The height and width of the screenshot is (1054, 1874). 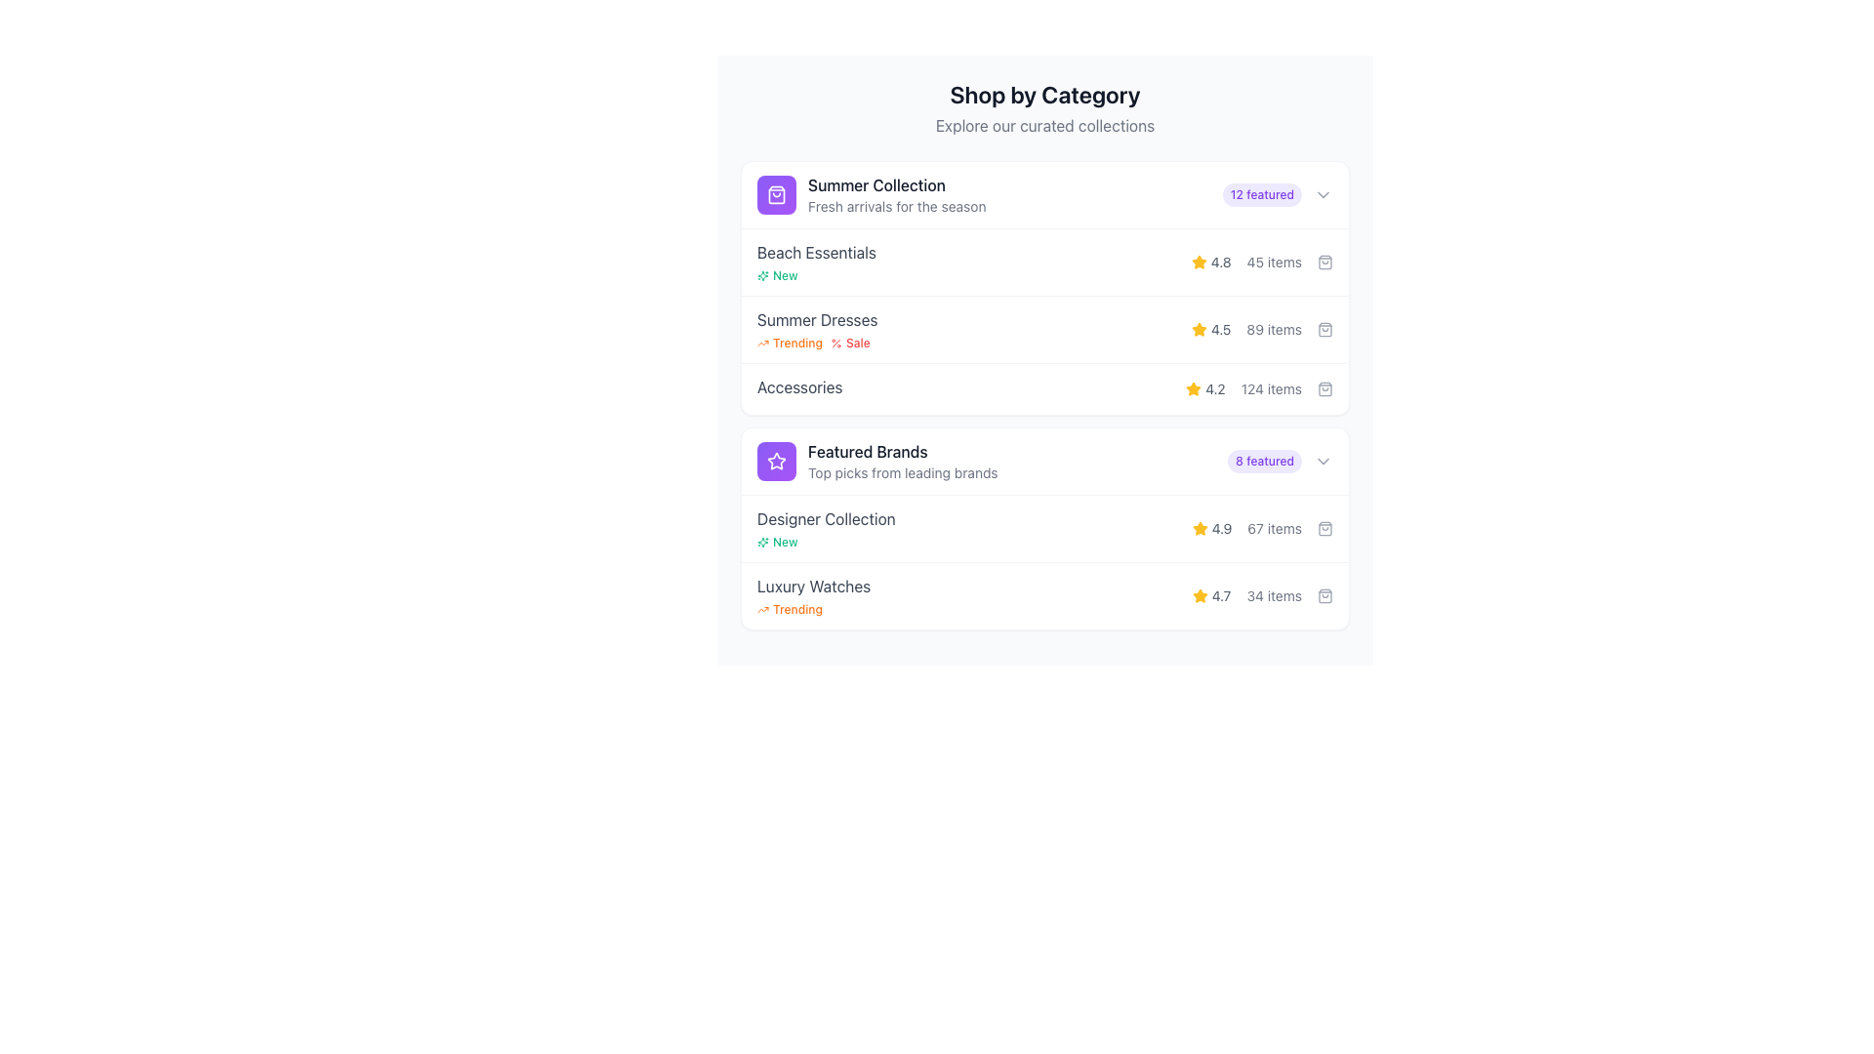 What do you see at coordinates (1193, 388) in the screenshot?
I see `the rating represented by the star icon located in the third row of the 'Shop by Category' section, adjacent to the 'Accessories' text and the numeric rating '4.2'` at bounding box center [1193, 388].